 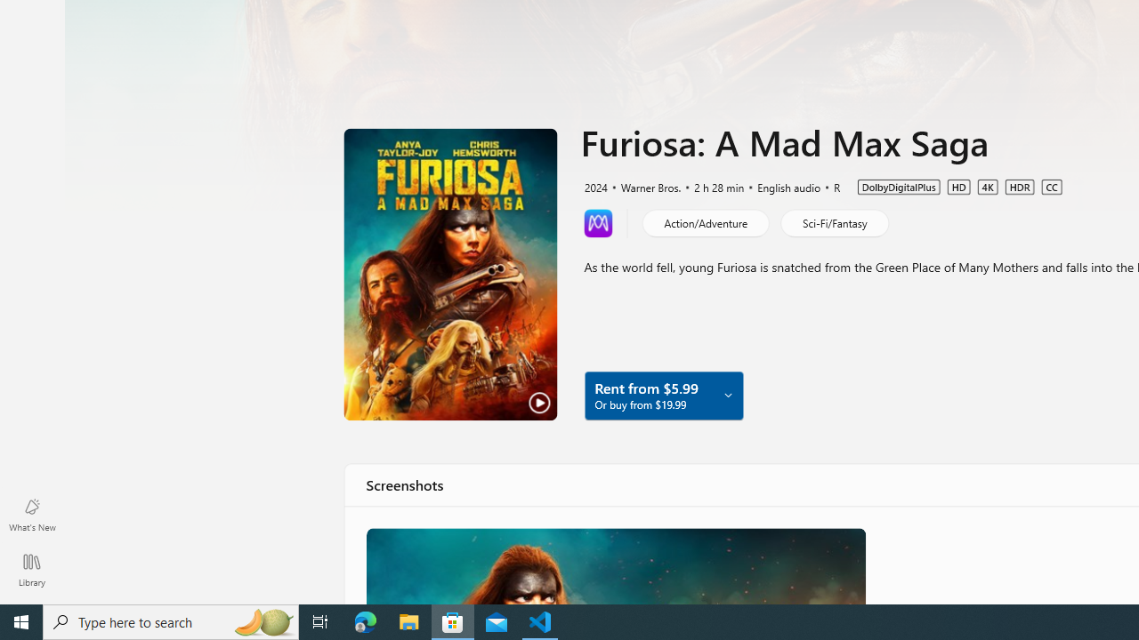 What do you see at coordinates (704, 221) in the screenshot?
I see `'Action/Adventure'` at bounding box center [704, 221].